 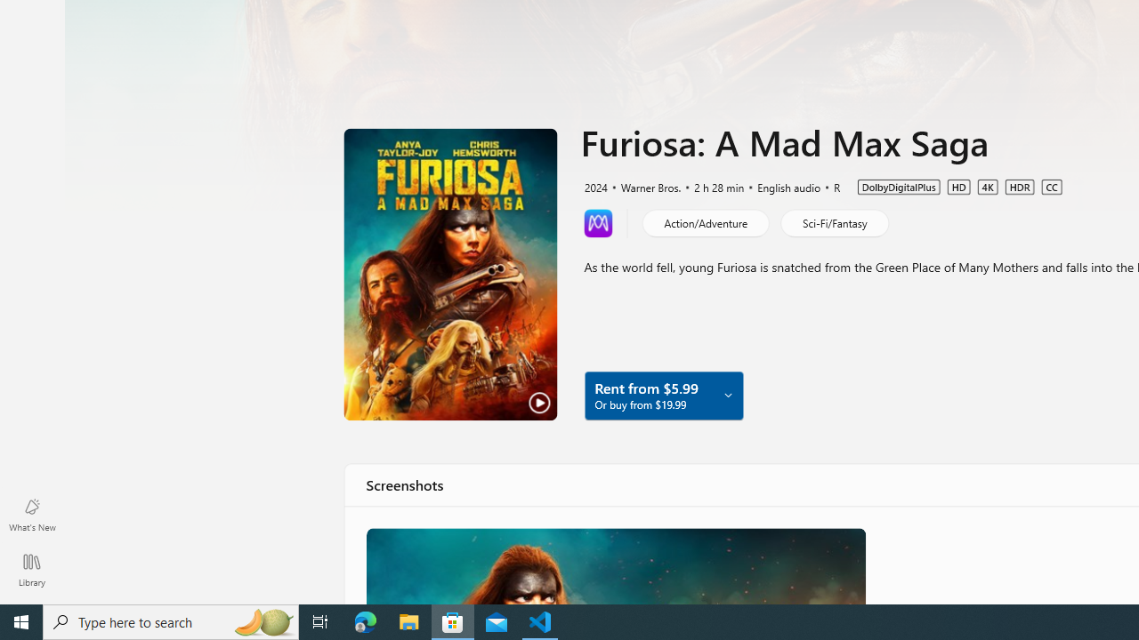 What do you see at coordinates (704, 221) in the screenshot?
I see `'Action/Adventure'` at bounding box center [704, 221].